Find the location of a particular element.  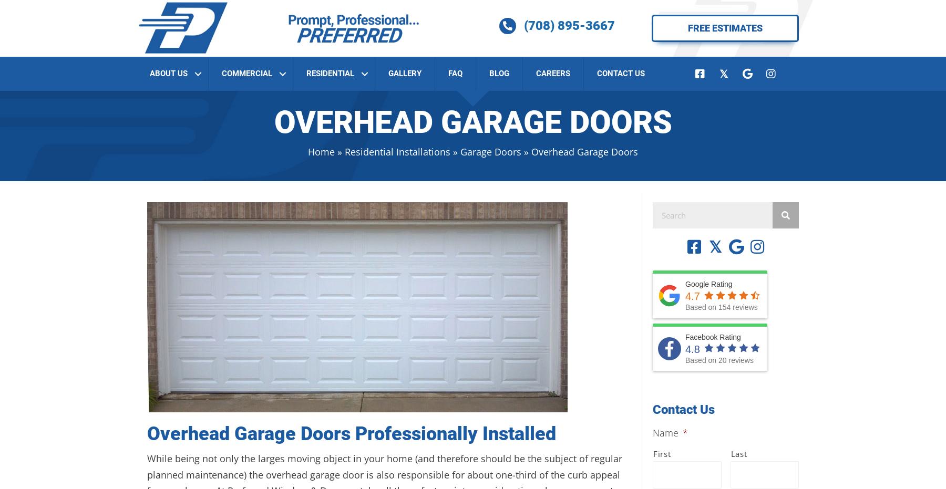

'First' is located at coordinates (662, 453).